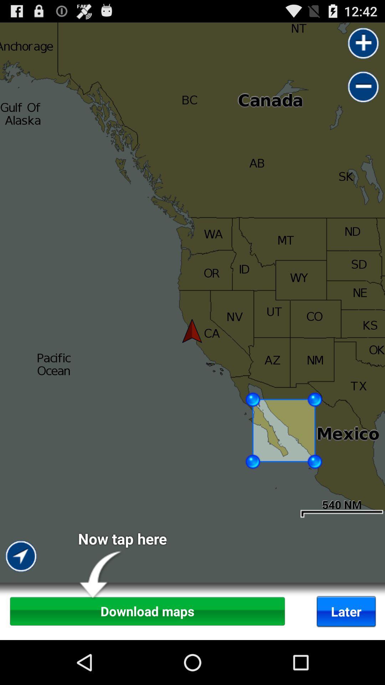 This screenshot has height=685, width=385. I want to click on the add icon, so click(363, 46).